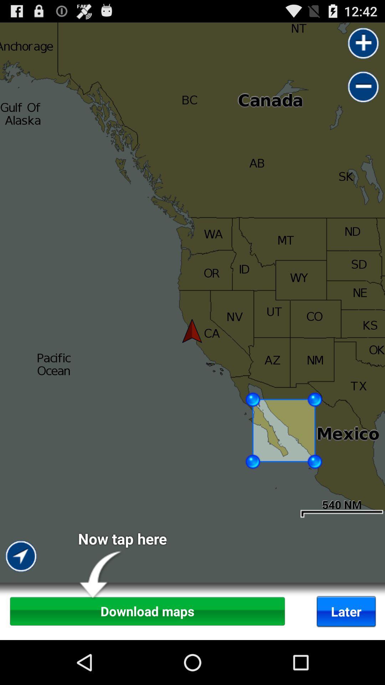 This screenshot has height=685, width=385. I want to click on the add icon, so click(363, 46).